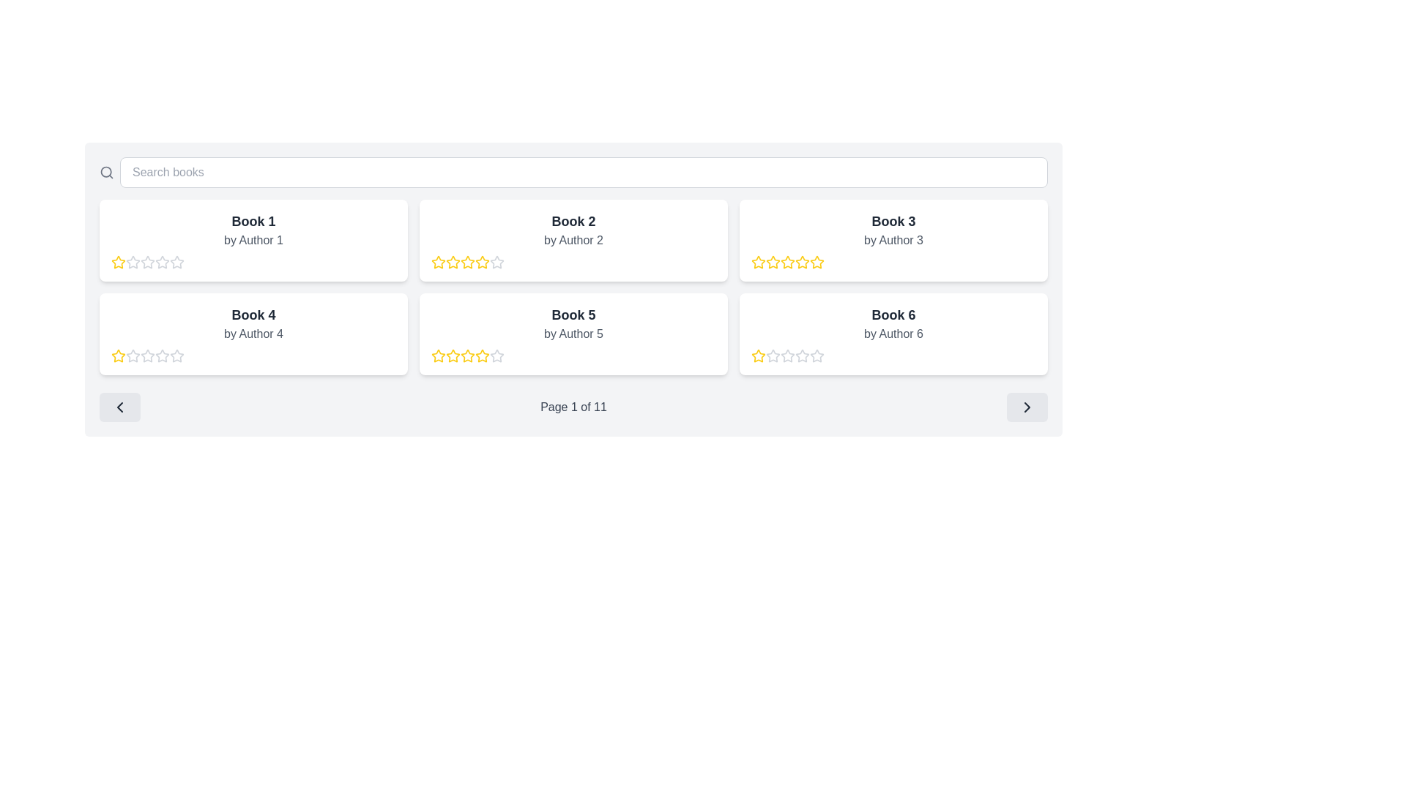 This screenshot has height=790, width=1406. What do you see at coordinates (133, 355) in the screenshot?
I see `the first rating star icon for 'Book 4' by 'Author 4'` at bounding box center [133, 355].